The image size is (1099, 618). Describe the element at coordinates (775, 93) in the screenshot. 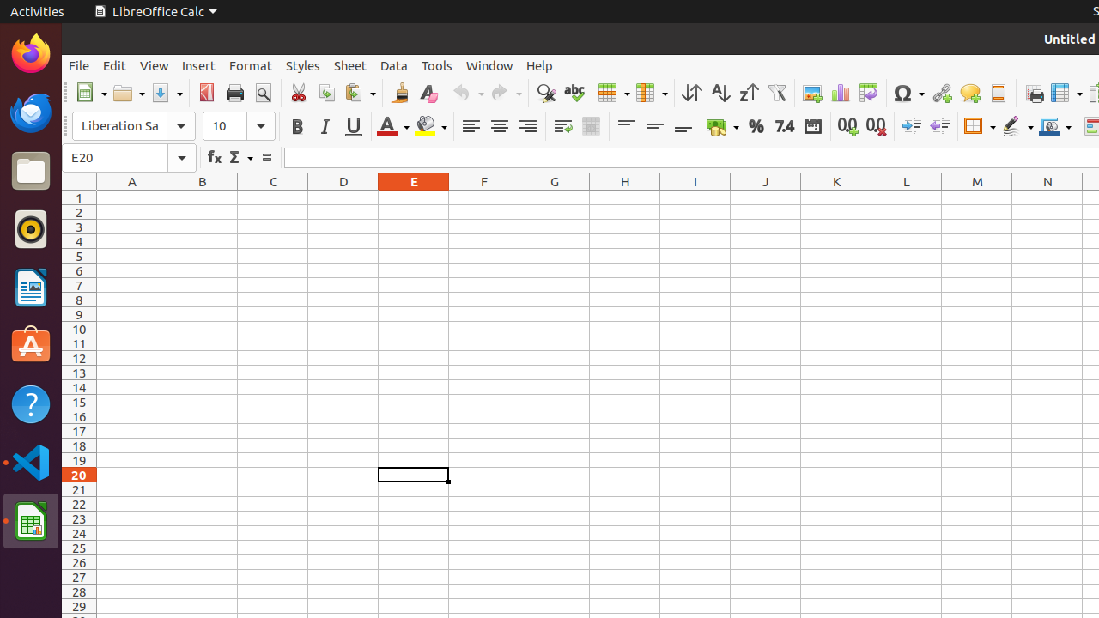

I see `'AutoFilter'` at that location.